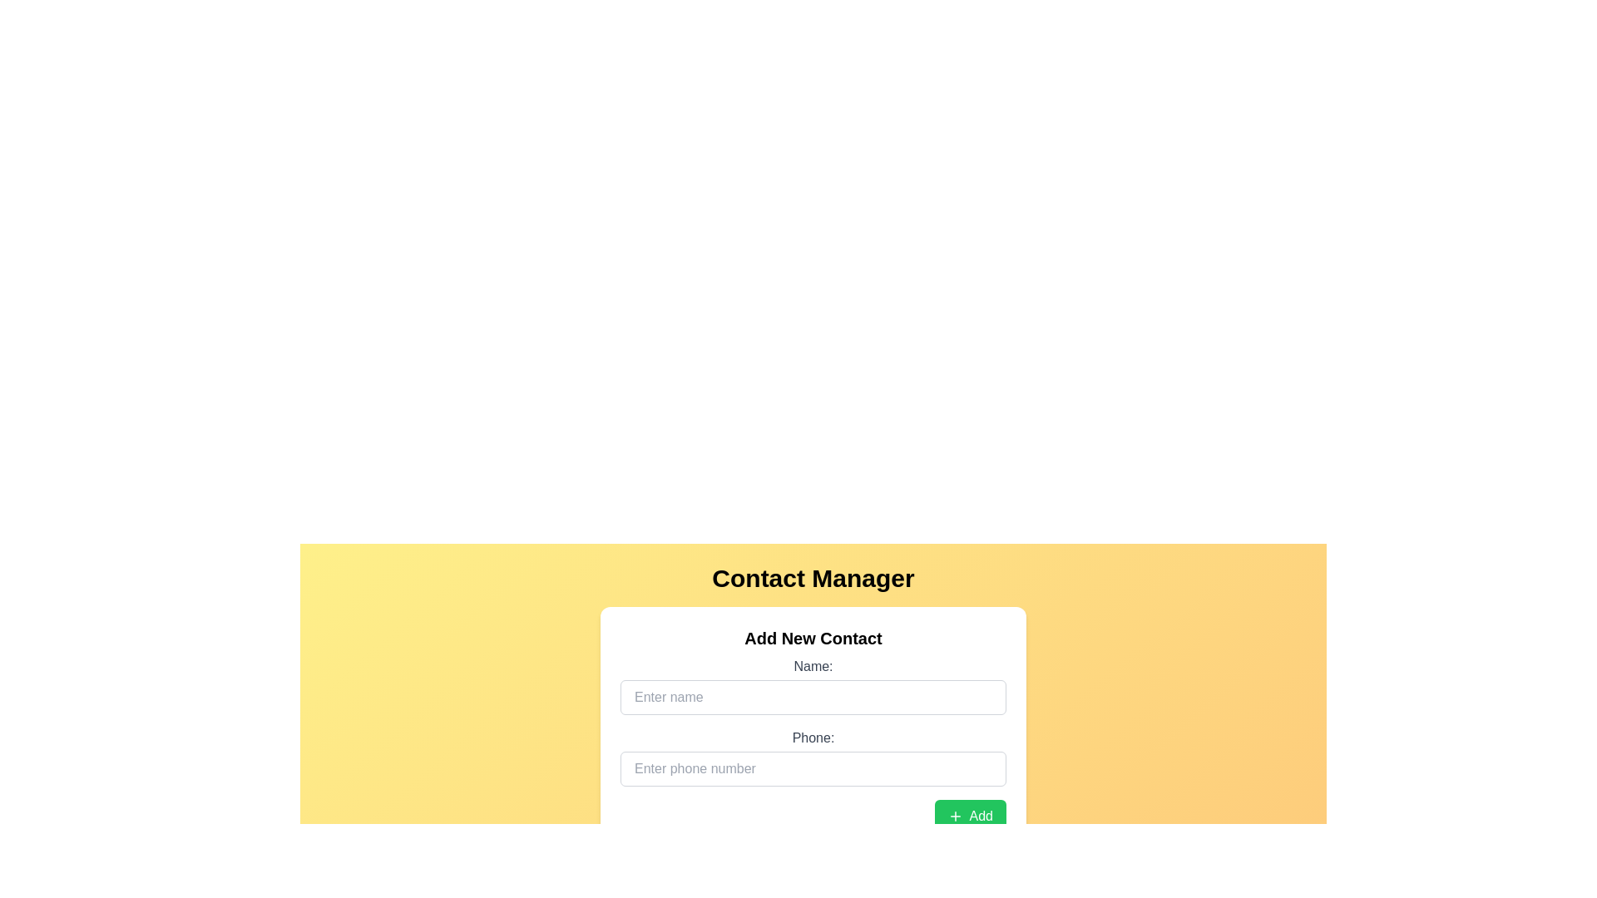  What do you see at coordinates (955, 816) in the screenshot?
I see `the plus icon located within the 'Add' button, which features a white stroke on a green background, positioned in the bottom-right of the 'Add New Contact' form` at bounding box center [955, 816].